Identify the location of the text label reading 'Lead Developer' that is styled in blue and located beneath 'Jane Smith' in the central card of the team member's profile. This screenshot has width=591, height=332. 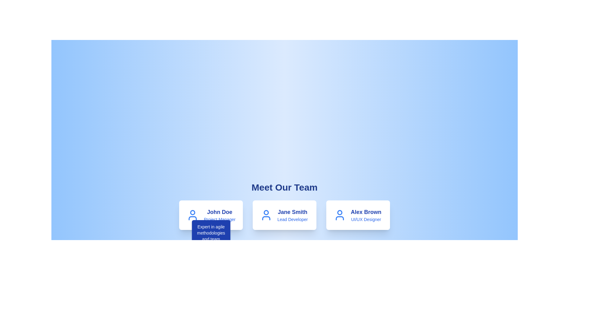
(292, 219).